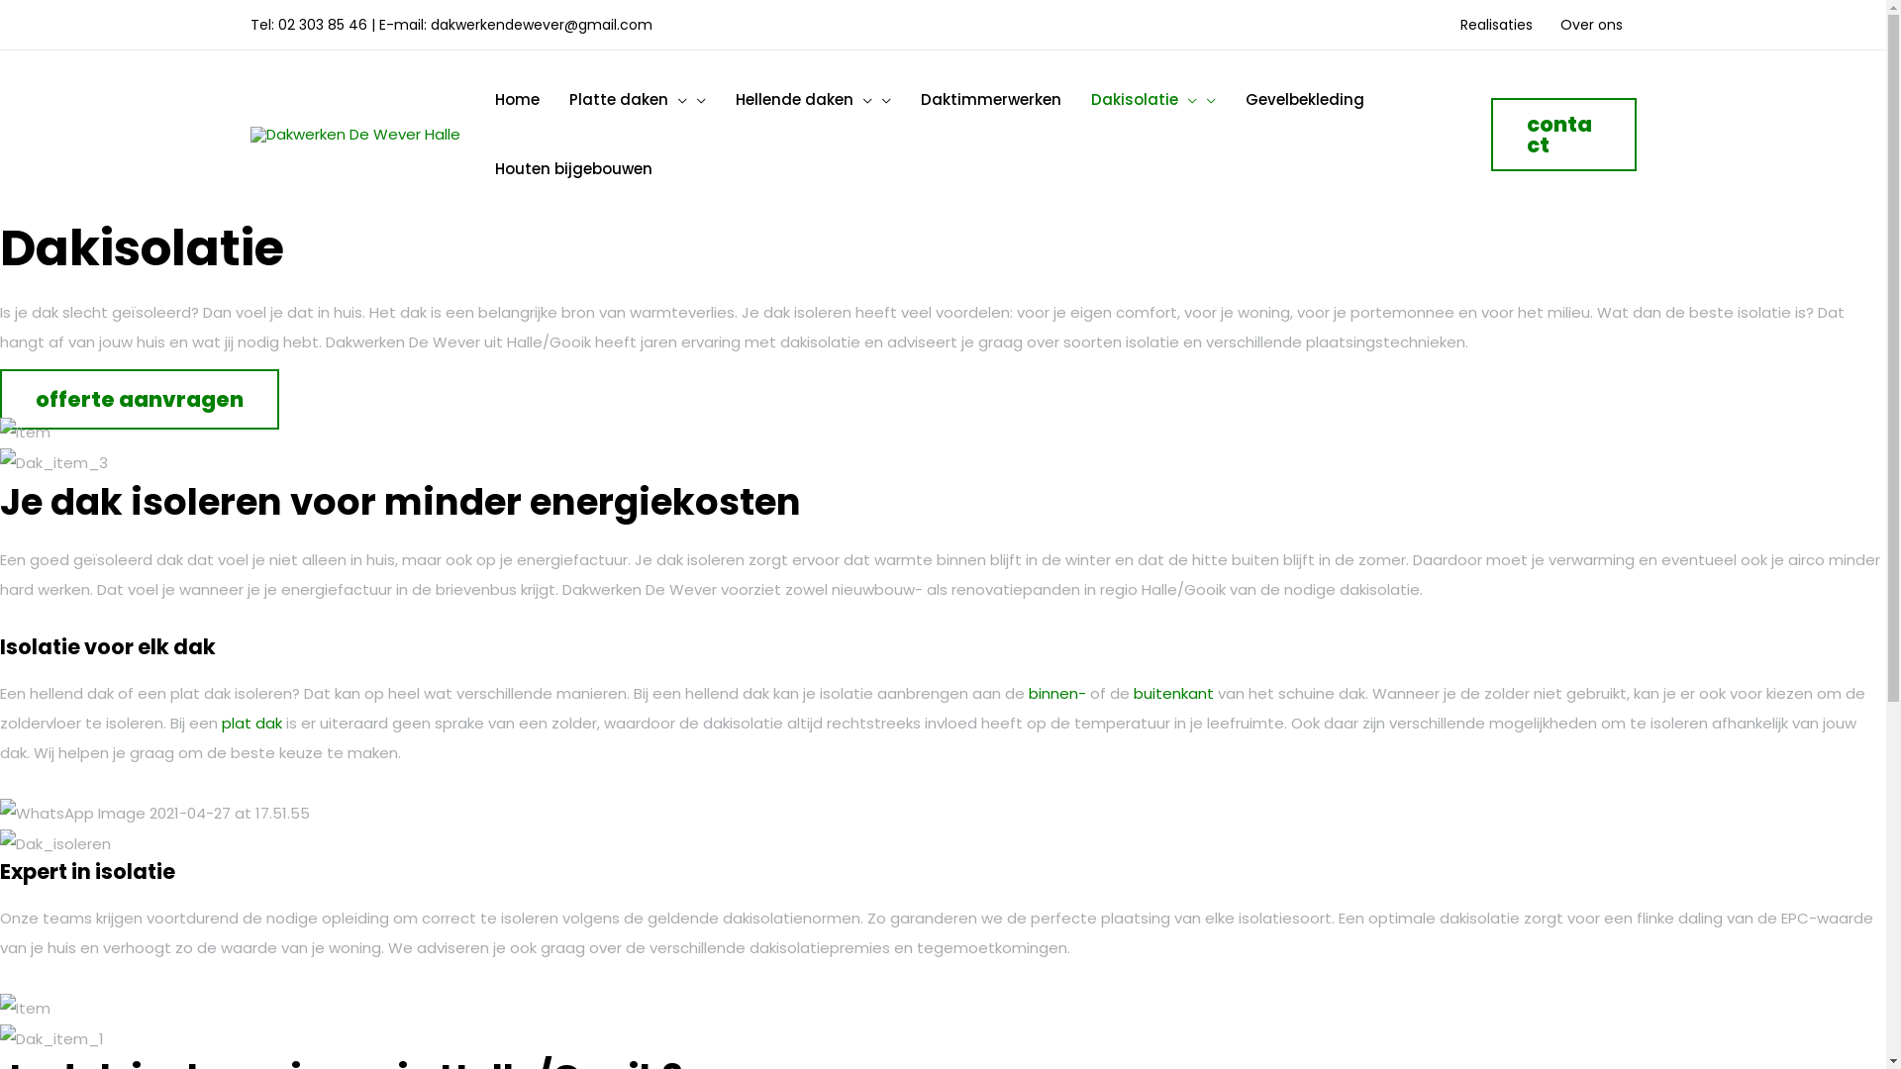 Image resolution: width=1901 pixels, height=1069 pixels. I want to click on 'Over ons', so click(1591, 24).